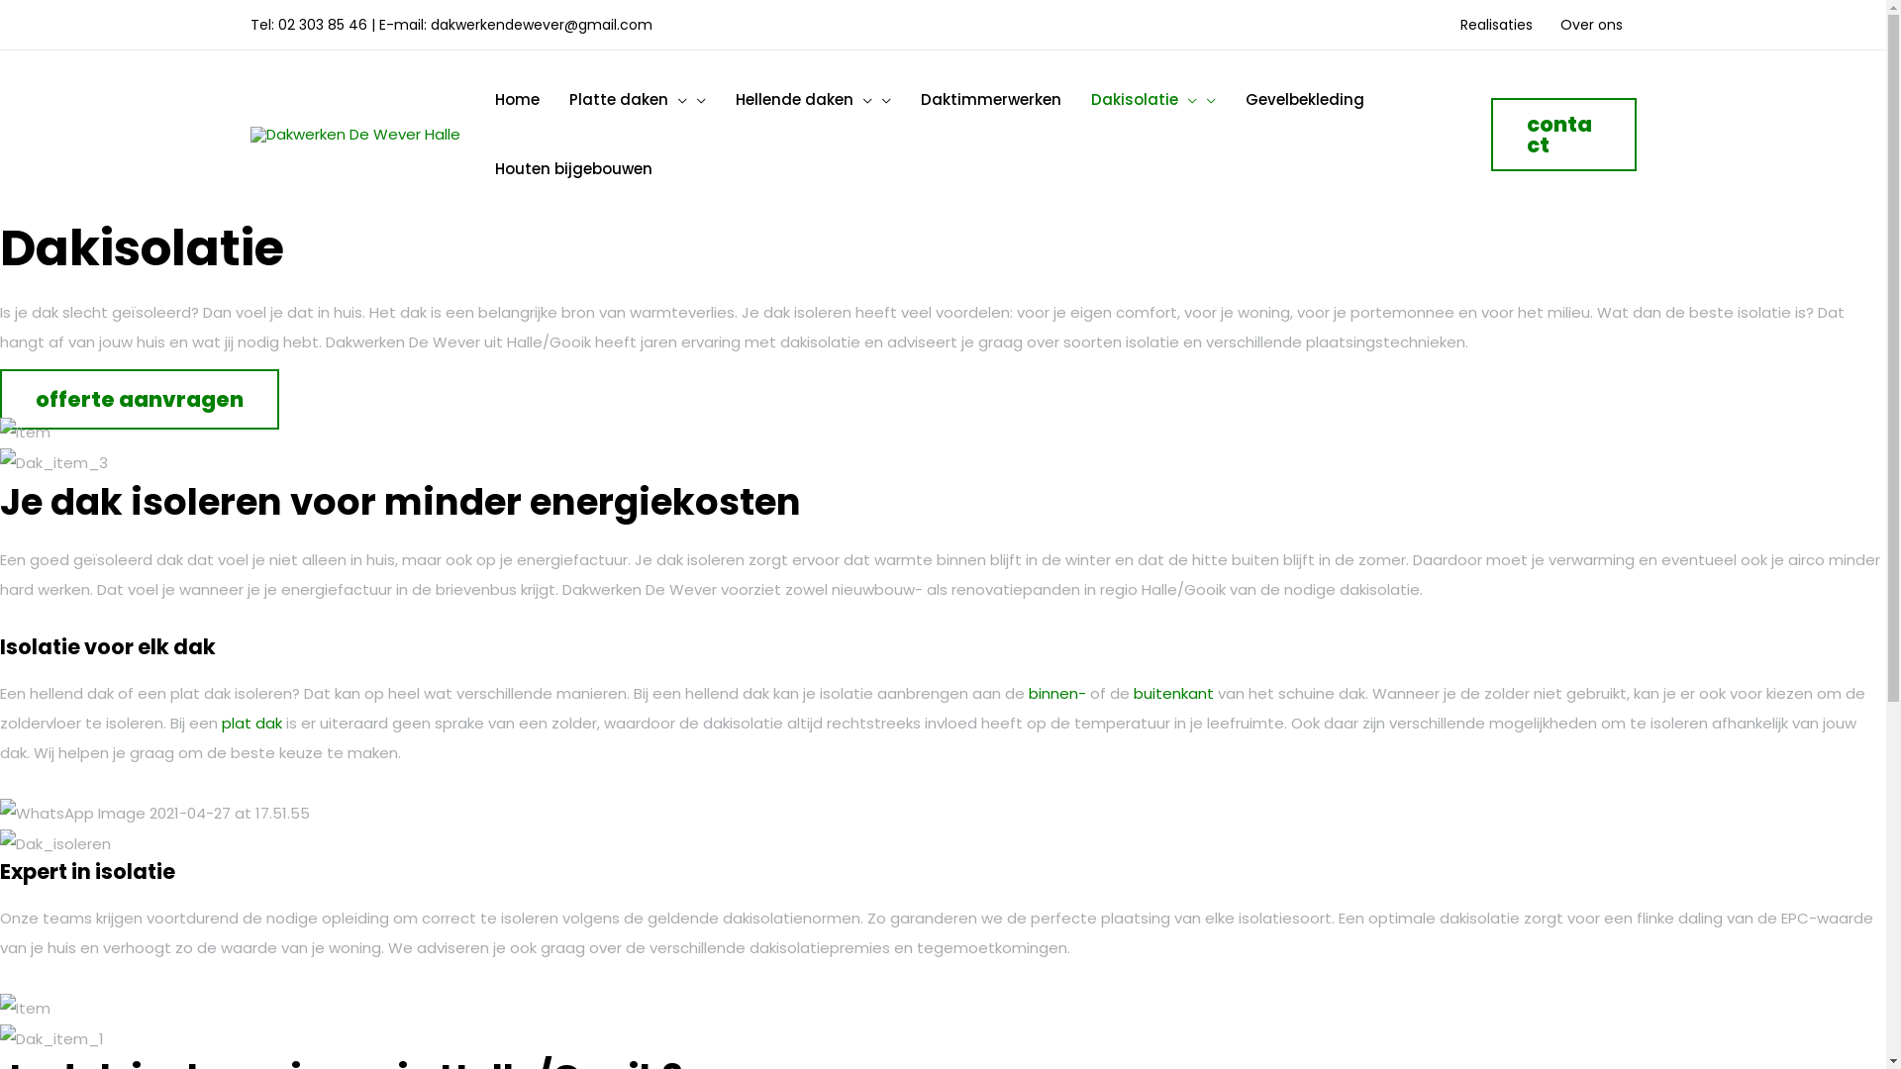 Image resolution: width=1901 pixels, height=1069 pixels. I want to click on 'Over ons', so click(1591, 24).